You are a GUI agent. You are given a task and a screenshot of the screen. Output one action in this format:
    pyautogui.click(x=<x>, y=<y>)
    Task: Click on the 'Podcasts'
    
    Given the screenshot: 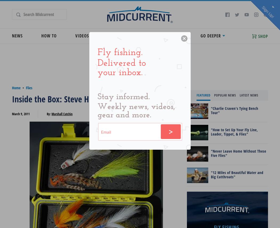 What is the action you would take?
    pyautogui.click(x=112, y=52)
    